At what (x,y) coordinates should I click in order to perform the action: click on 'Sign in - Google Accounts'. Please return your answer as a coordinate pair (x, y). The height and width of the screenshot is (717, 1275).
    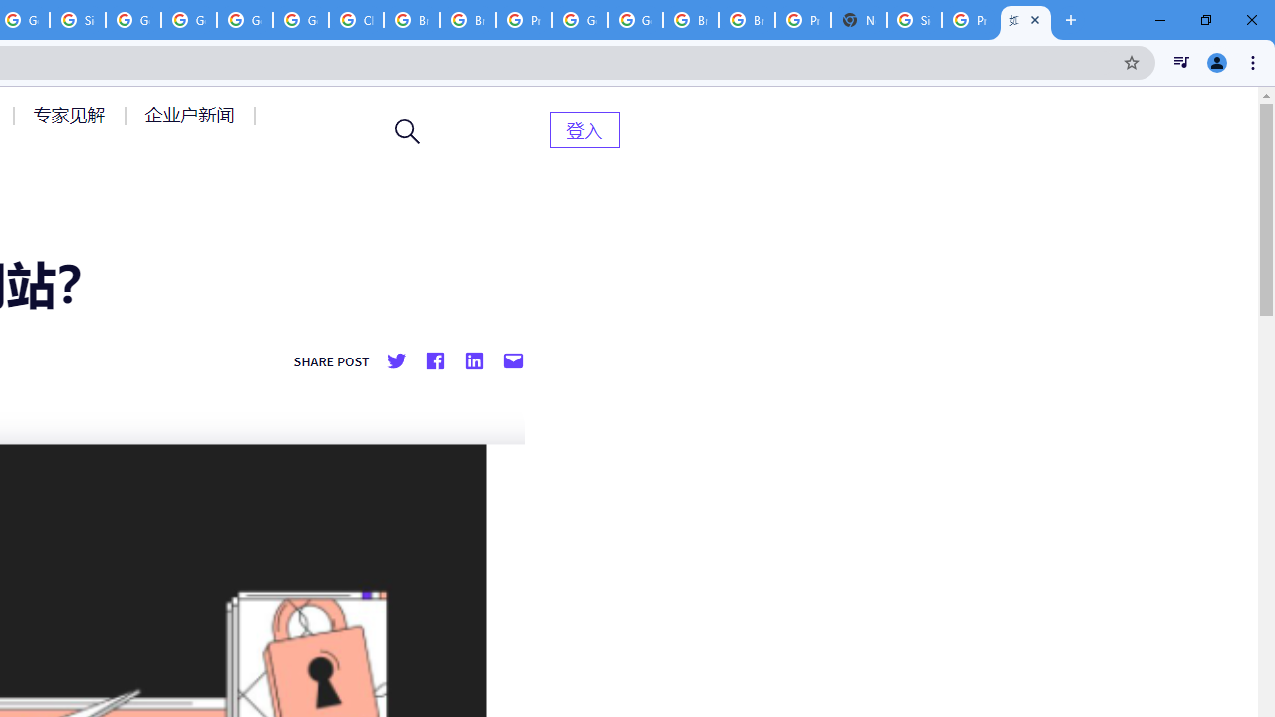
    Looking at the image, I should click on (78, 20).